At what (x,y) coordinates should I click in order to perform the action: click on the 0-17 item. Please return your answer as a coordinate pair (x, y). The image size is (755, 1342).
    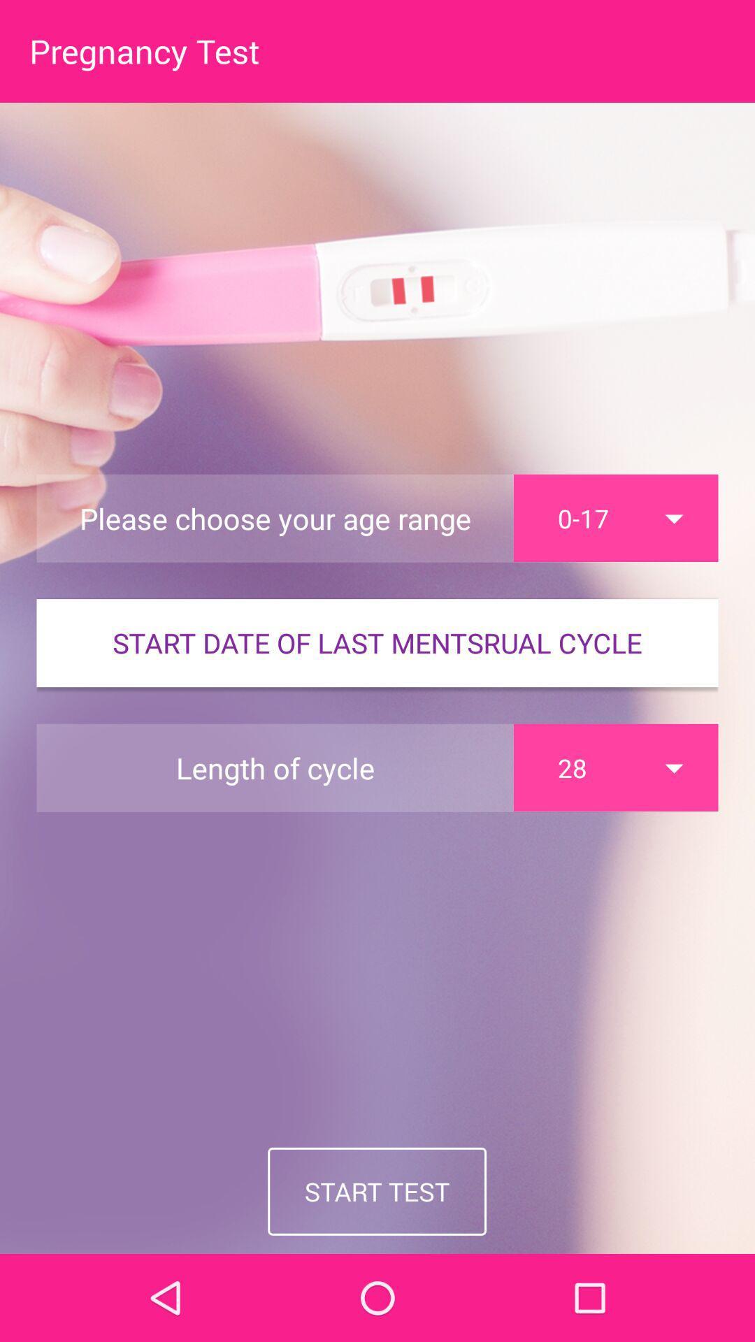
    Looking at the image, I should click on (615, 517).